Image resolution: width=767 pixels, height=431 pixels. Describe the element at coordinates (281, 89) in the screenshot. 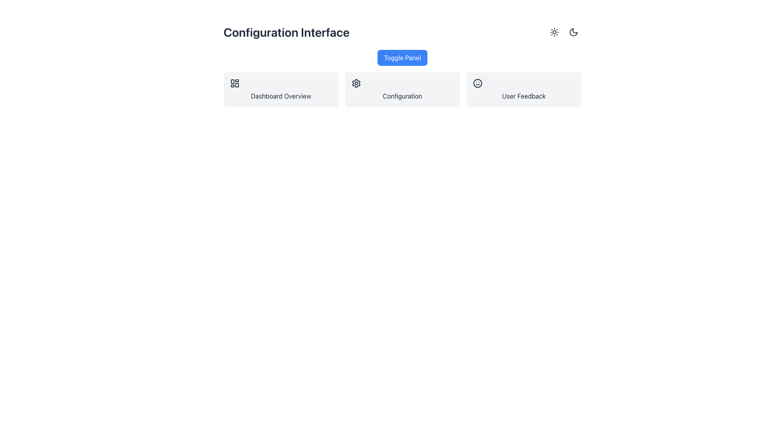

I see `the first clickable card in the grid layout that serves as an entry point for the 'Dashboard Overview' section` at that location.